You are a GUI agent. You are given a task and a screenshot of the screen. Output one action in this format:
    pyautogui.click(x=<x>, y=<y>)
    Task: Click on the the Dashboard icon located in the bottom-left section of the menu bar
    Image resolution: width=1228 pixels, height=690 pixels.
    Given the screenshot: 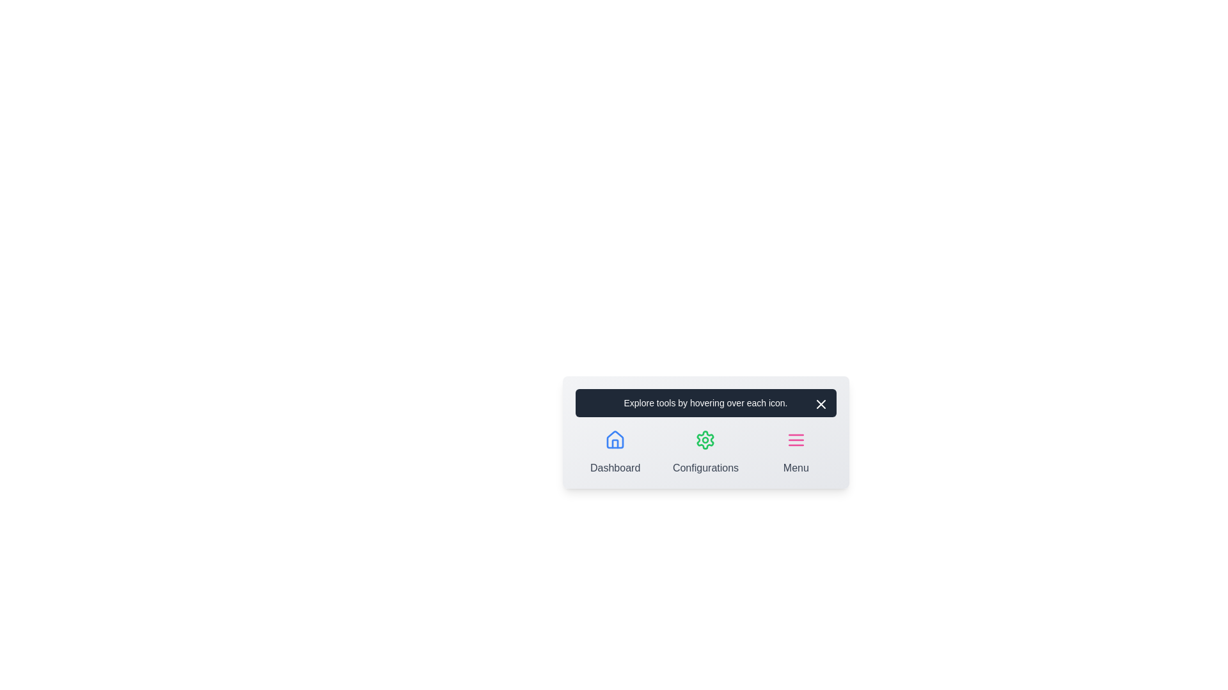 What is the action you would take?
    pyautogui.click(x=615, y=440)
    